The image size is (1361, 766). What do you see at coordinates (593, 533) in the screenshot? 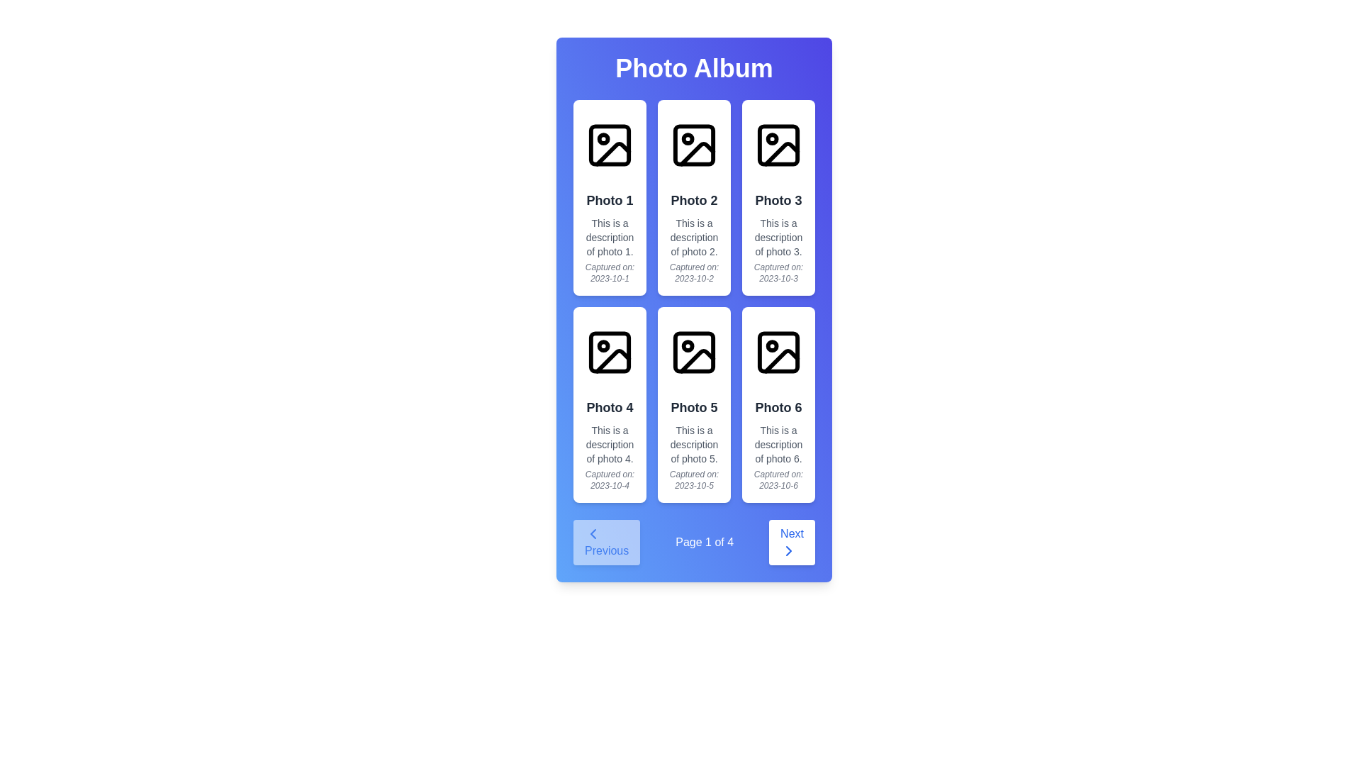
I see `the graphical navigation icon for the 'Previous' button located at the bottom-left corner of the main interface card to receive visual feedback indicating interactivity` at bounding box center [593, 533].